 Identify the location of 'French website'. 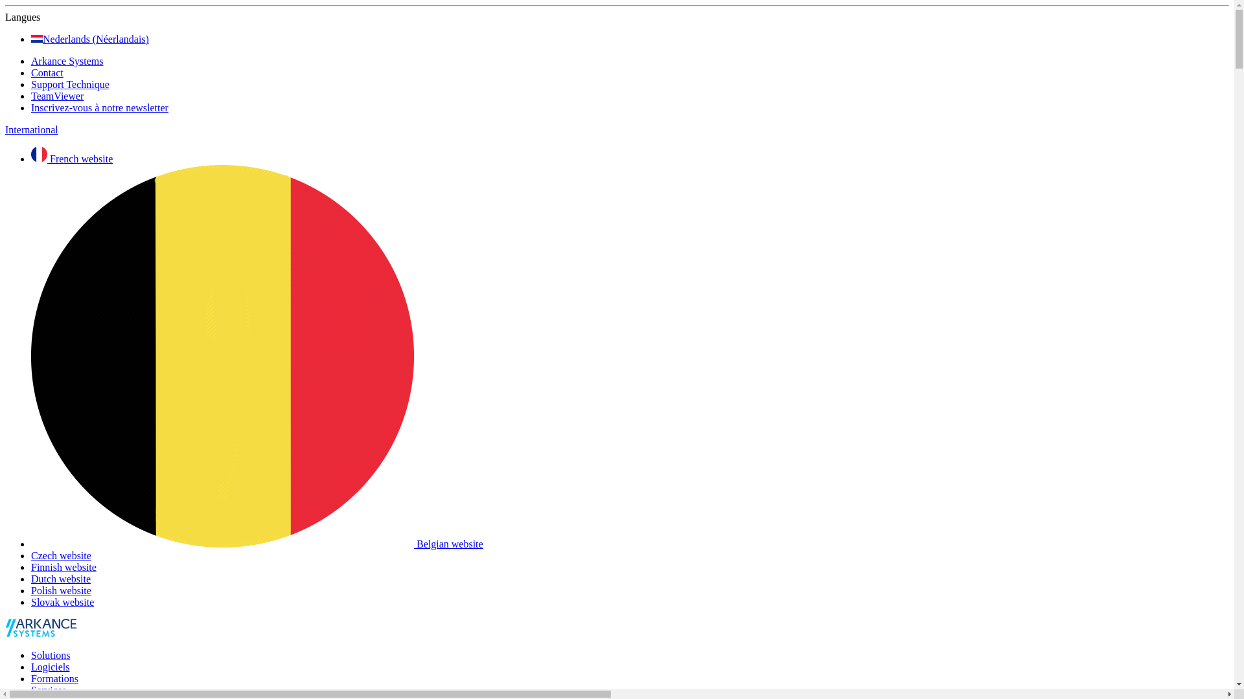
(71, 158).